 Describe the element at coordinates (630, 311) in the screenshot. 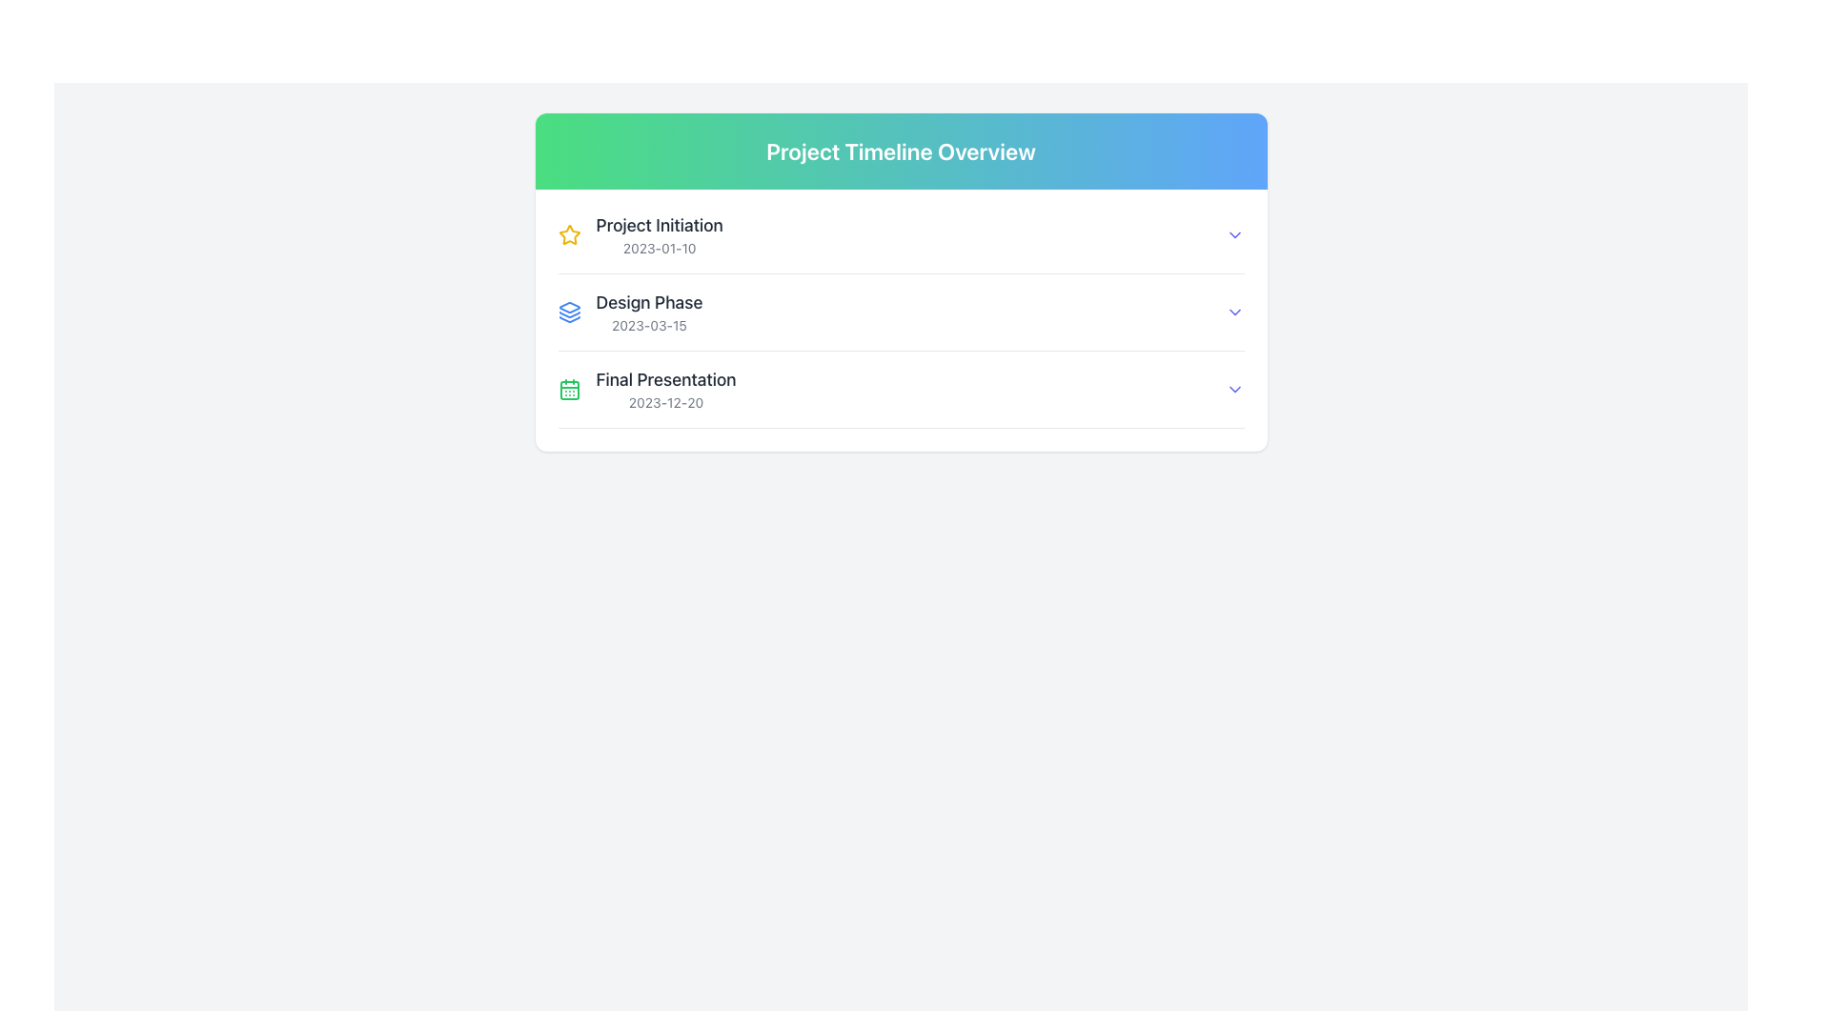

I see `the second list item in the 'Project Timeline Overview' that represents the 'Design Phase' milestone` at that location.